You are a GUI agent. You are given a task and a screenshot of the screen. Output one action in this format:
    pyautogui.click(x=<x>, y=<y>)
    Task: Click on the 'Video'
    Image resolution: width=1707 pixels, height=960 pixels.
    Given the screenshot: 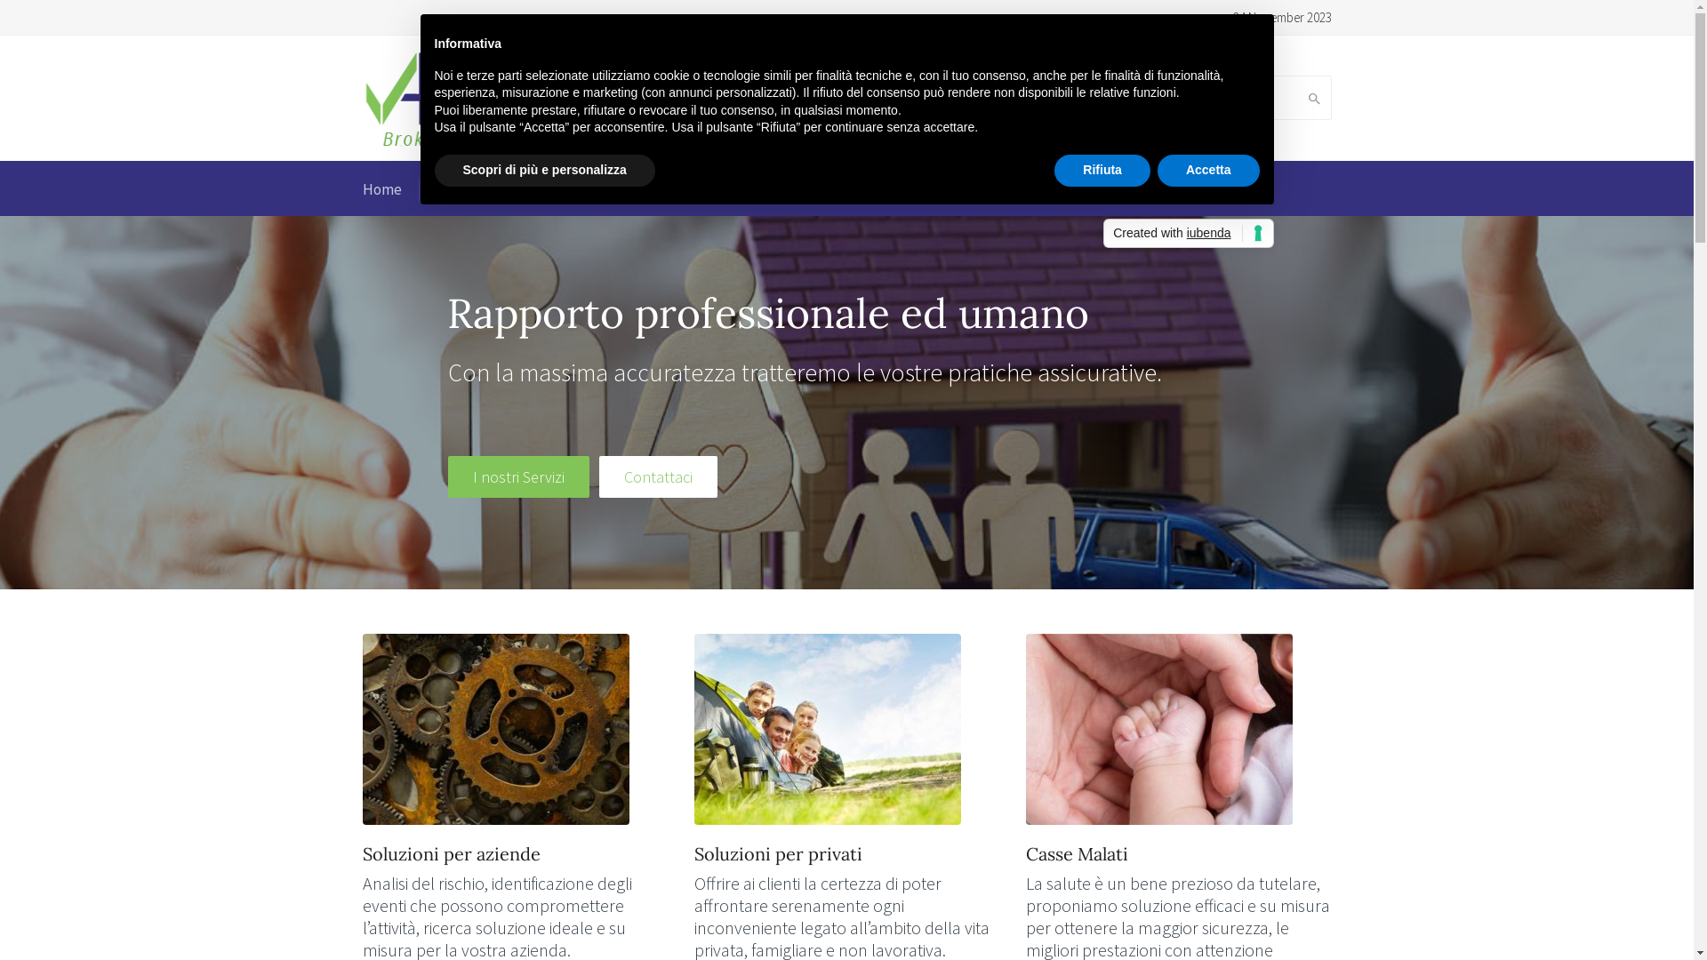 What is the action you would take?
    pyautogui.click(x=993, y=189)
    